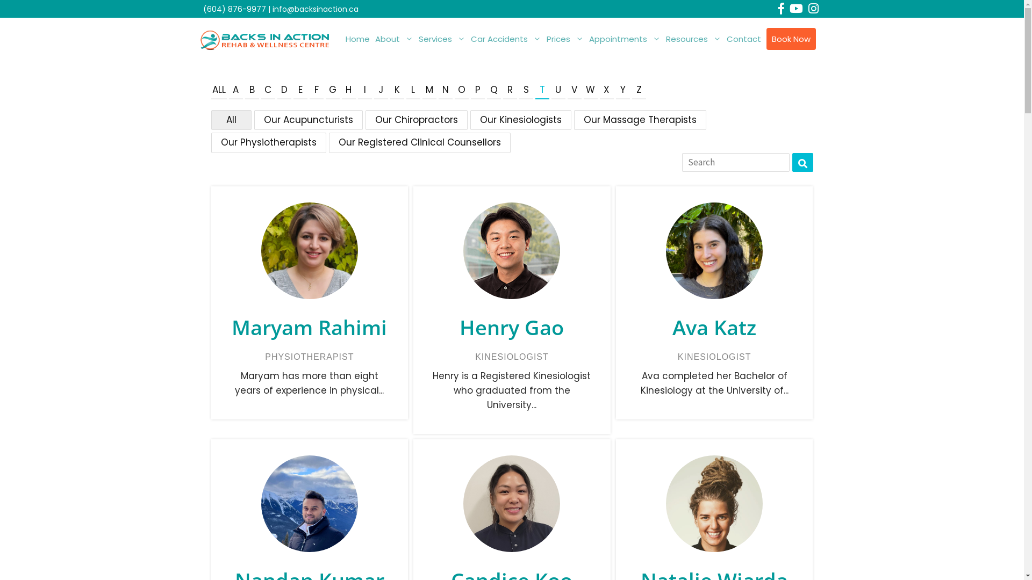  What do you see at coordinates (622, 90) in the screenshot?
I see `'Y'` at bounding box center [622, 90].